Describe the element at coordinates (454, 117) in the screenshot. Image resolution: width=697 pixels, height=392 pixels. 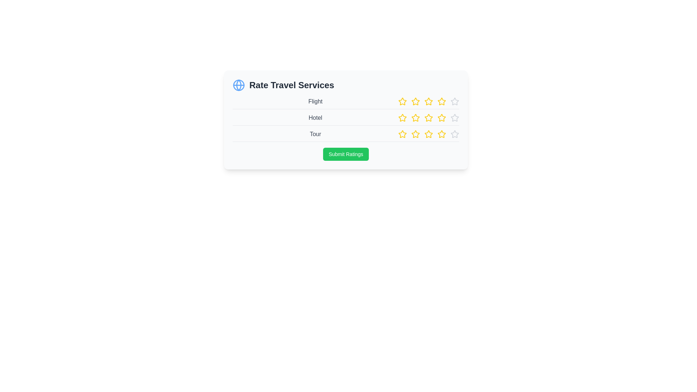
I see `the fifth outlined gray star icon in the rating system for 'Hotel' in the 'Rate Travel Services' interface` at that location.